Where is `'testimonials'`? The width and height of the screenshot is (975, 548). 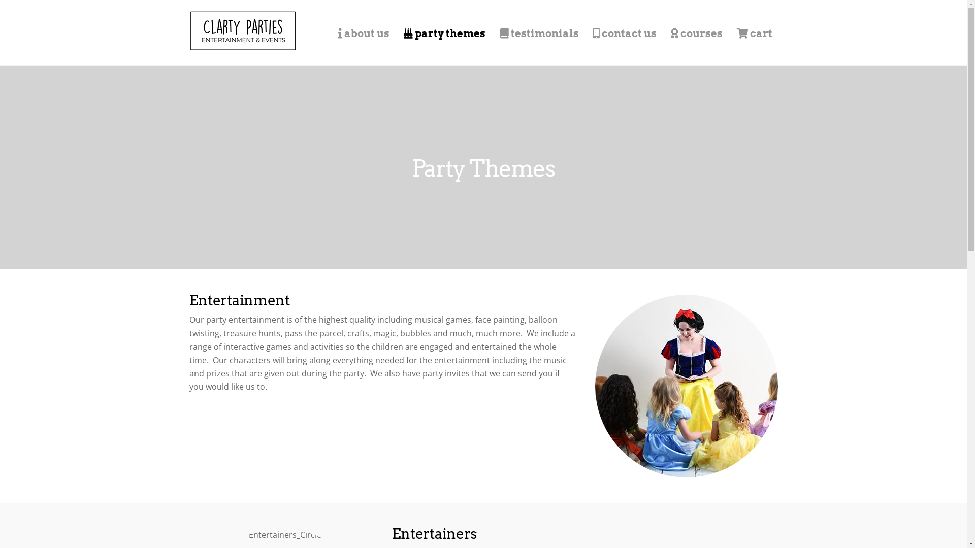 'testimonials' is located at coordinates (538, 32).